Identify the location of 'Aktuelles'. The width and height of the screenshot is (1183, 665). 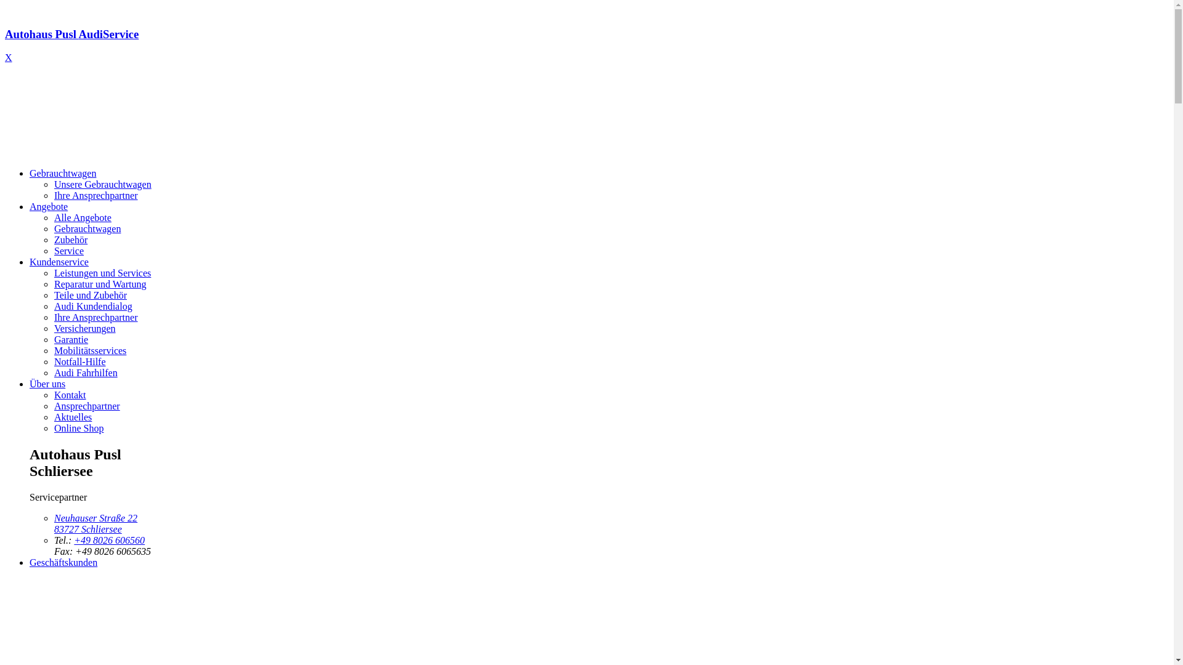
(53, 416).